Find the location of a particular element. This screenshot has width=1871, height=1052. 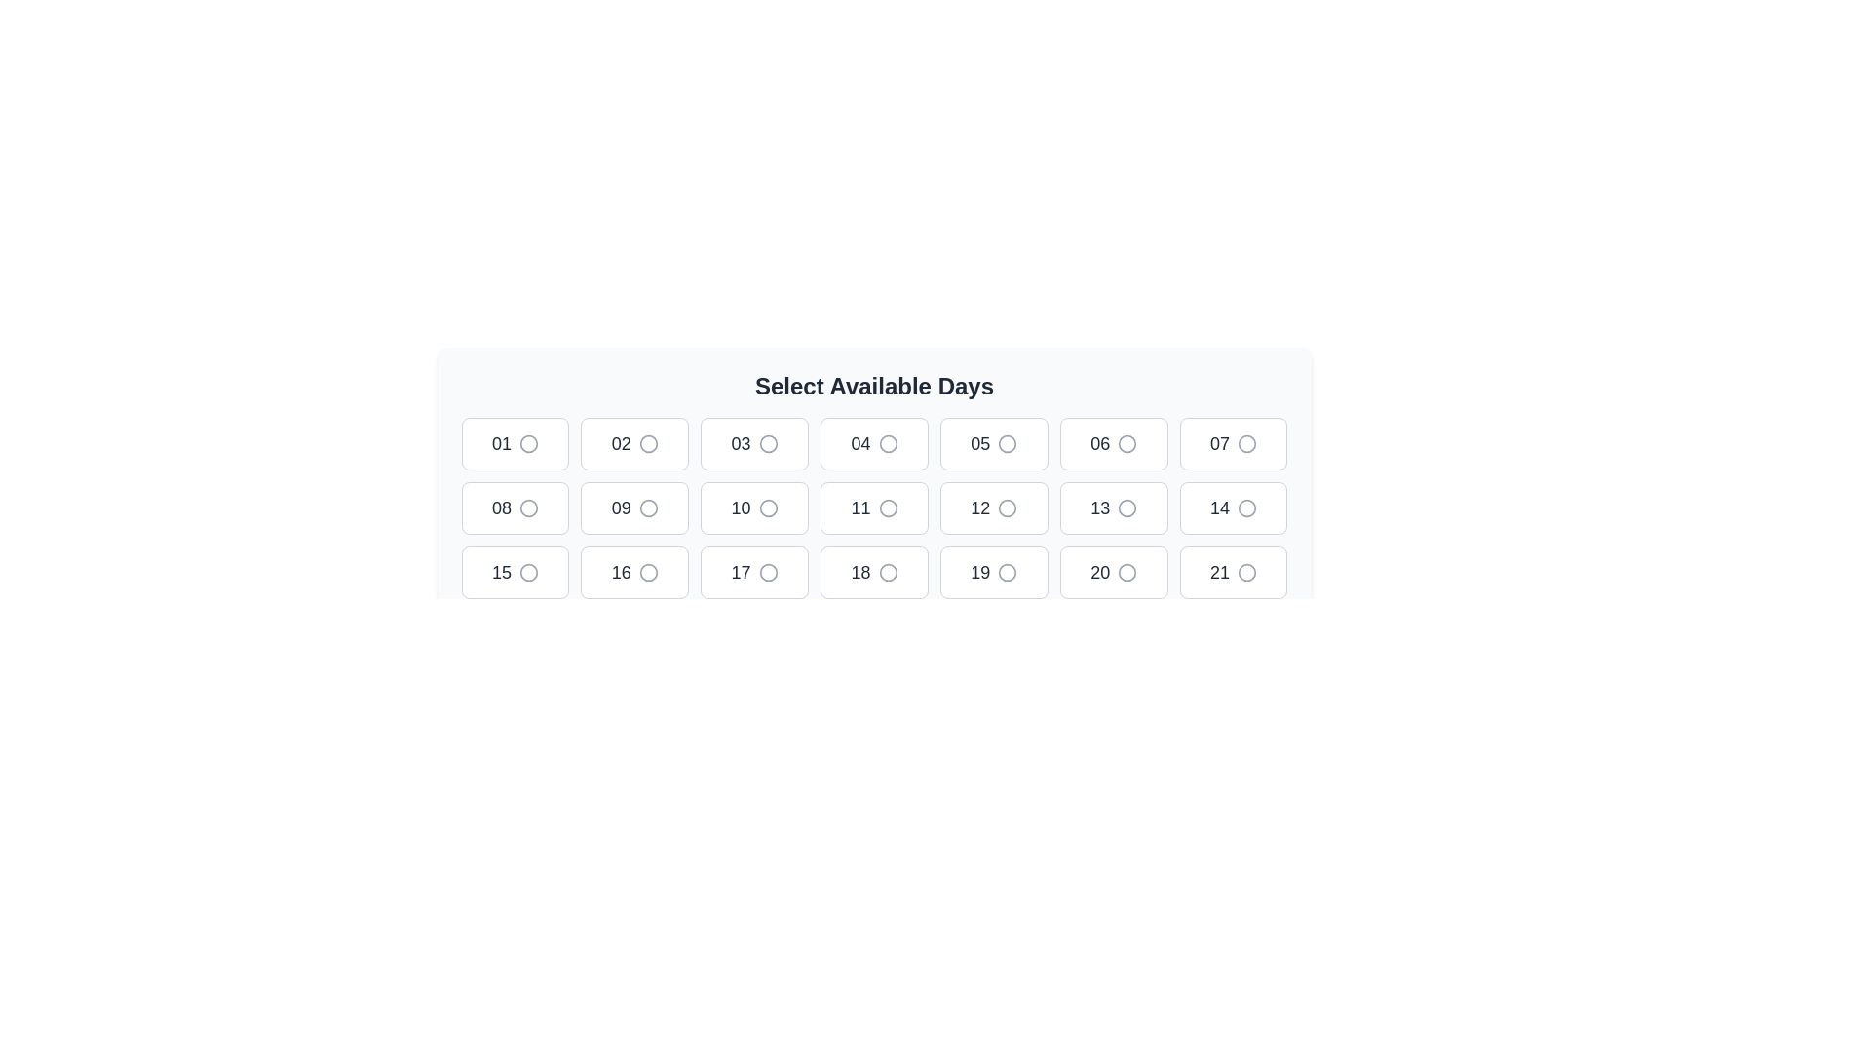

the interactive selection button displaying the number '04' is located at coordinates (873, 443).